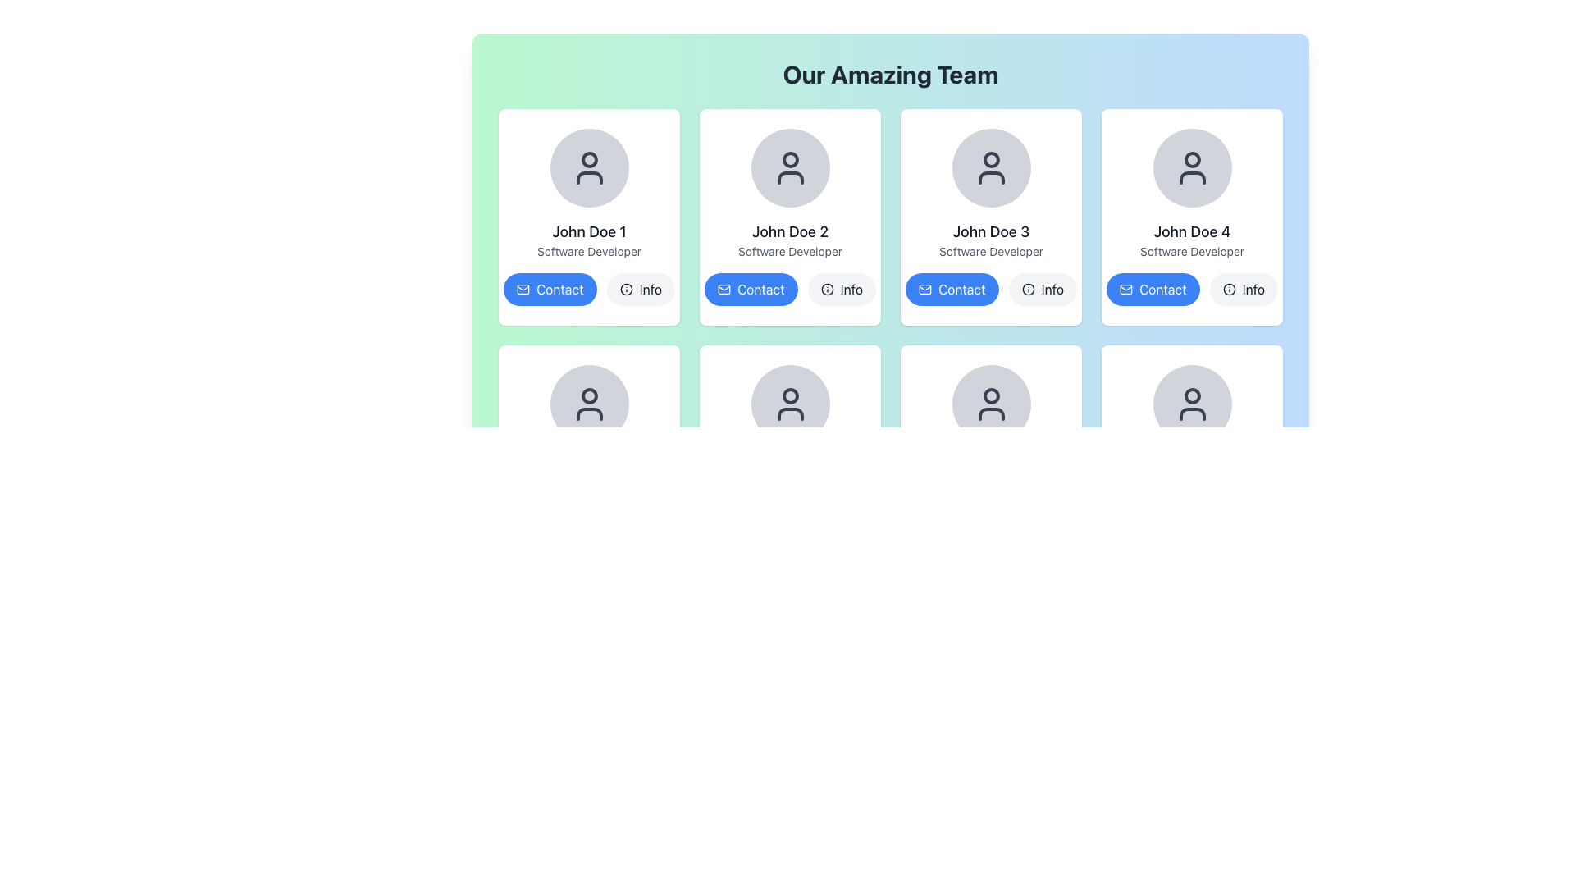 The width and height of the screenshot is (1575, 886). What do you see at coordinates (1229, 289) in the screenshot?
I see `the information icon shaped like a circle with an 'i' inside, located in the fourth card of the top row` at bounding box center [1229, 289].